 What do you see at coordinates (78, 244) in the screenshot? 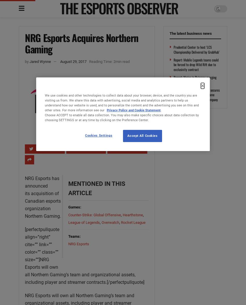
I see `'NRG Esports'` at bounding box center [78, 244].